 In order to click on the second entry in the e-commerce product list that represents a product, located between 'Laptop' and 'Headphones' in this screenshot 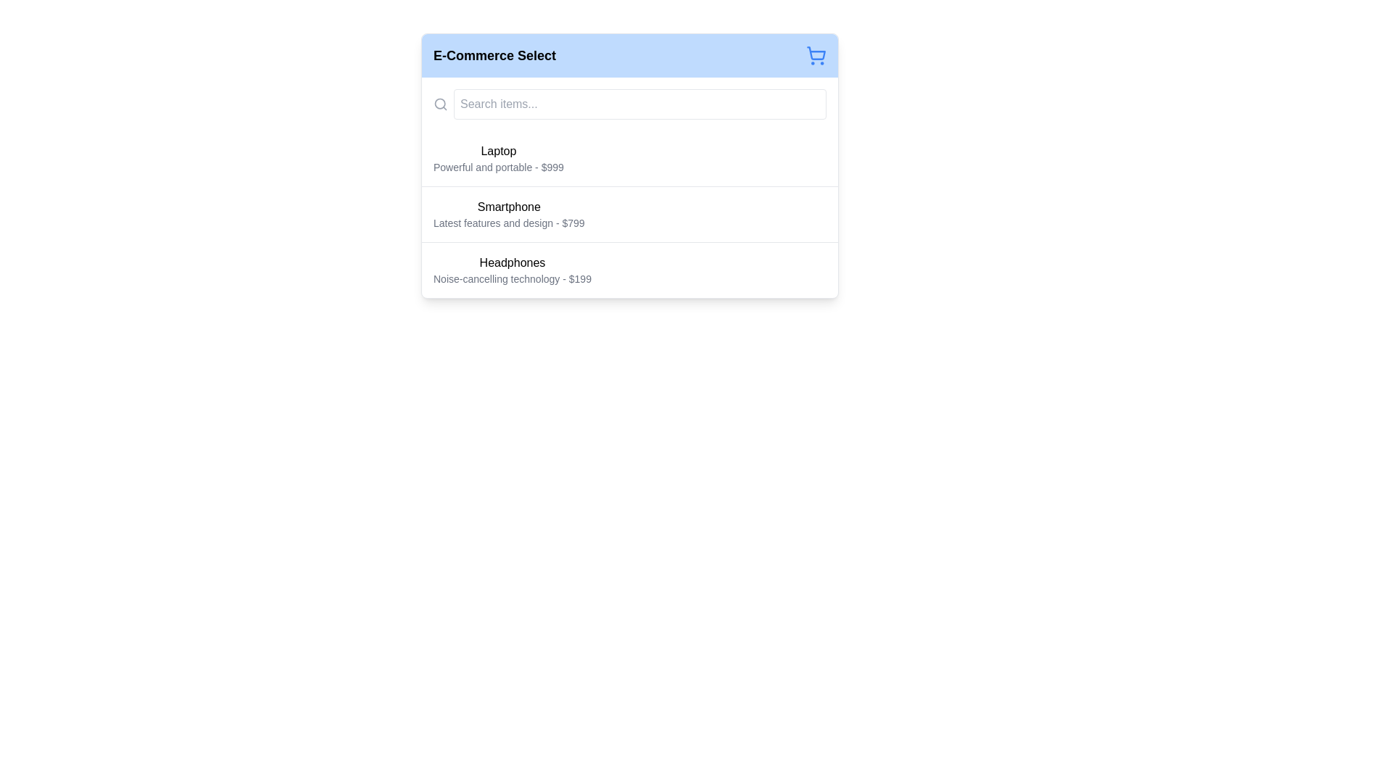, I will do `click(629, 213)`.